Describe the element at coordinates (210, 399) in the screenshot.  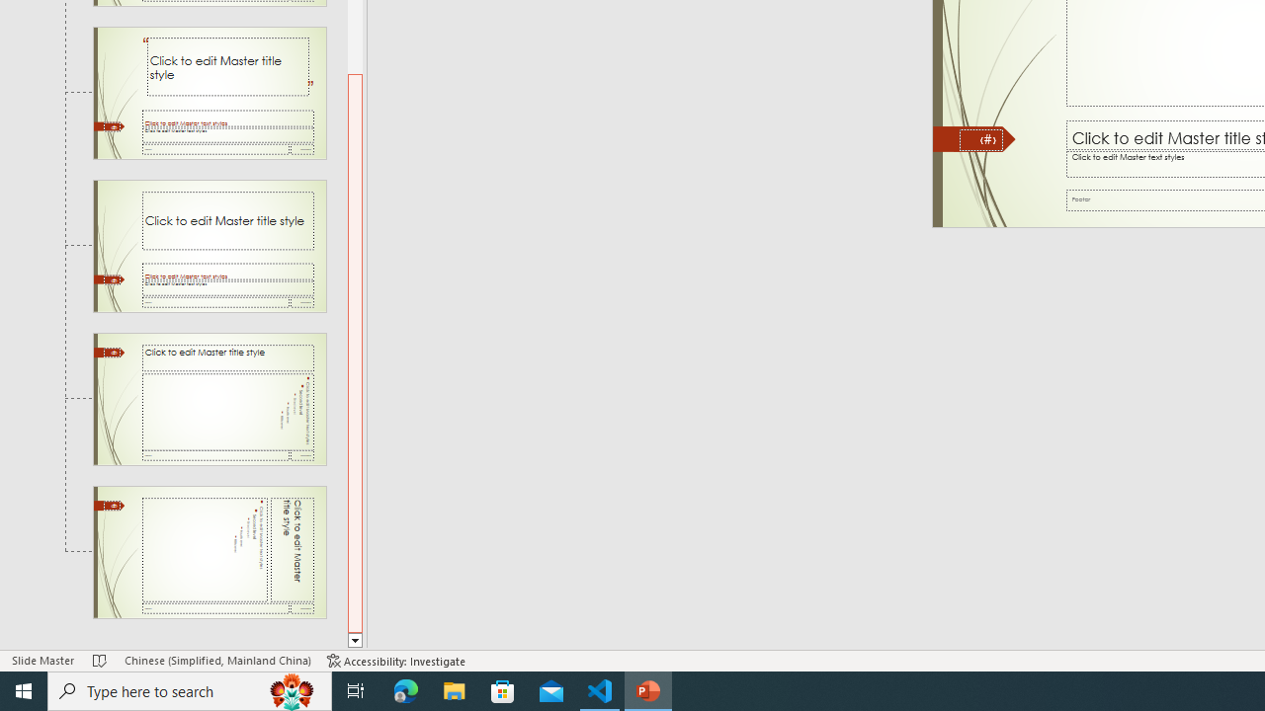
I see `'Slide Title and Vertical Text Layout: used by no slides'` at that location.